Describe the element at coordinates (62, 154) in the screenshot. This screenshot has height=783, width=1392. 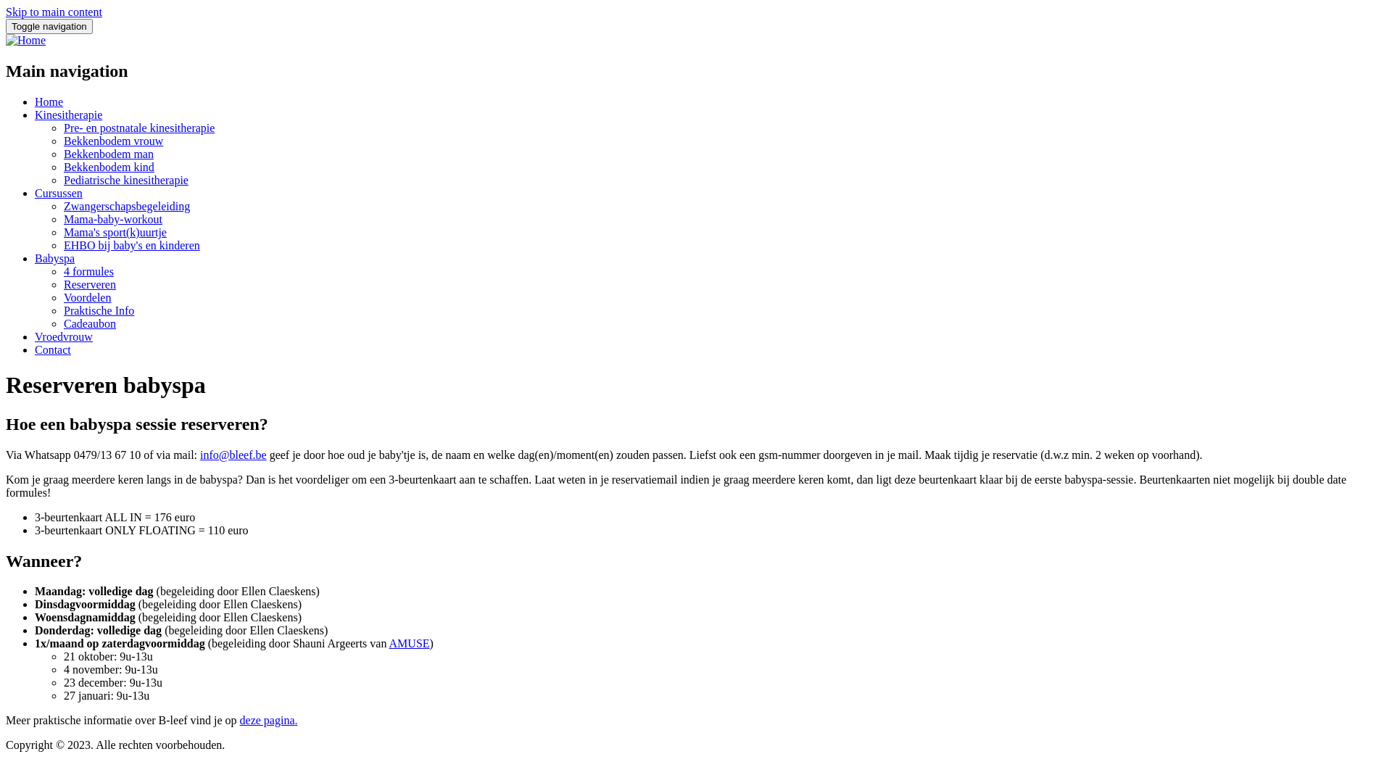
I see `'Bekkenbodem man'` at that location.